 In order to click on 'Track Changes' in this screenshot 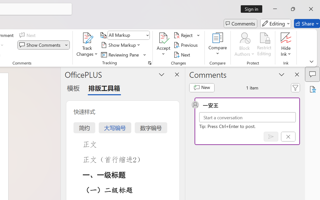, I will do `click(87, 45)`.